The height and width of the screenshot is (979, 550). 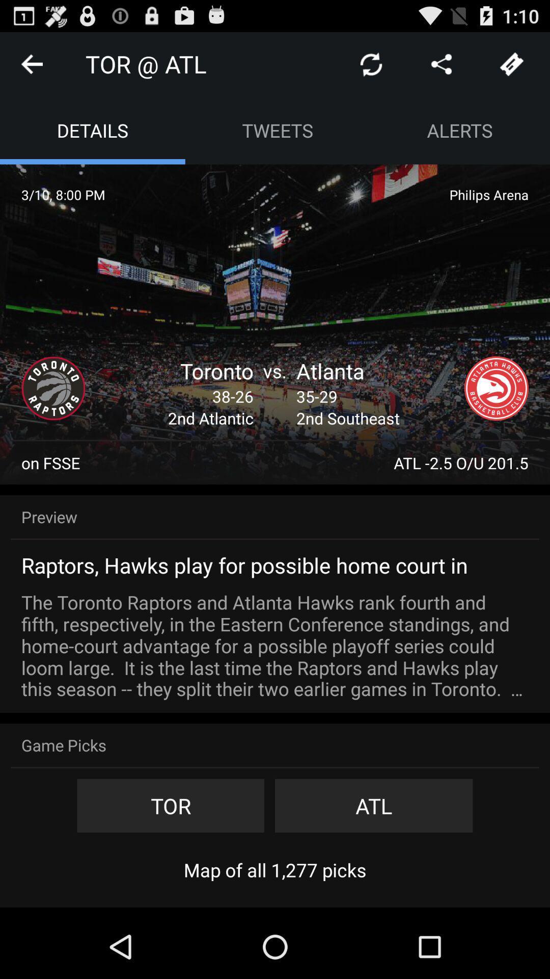 What do you see at coordinates (371, 63) in the screenshot?
I see `app to the right of tor @ atl` at bounding box center [371, 63].